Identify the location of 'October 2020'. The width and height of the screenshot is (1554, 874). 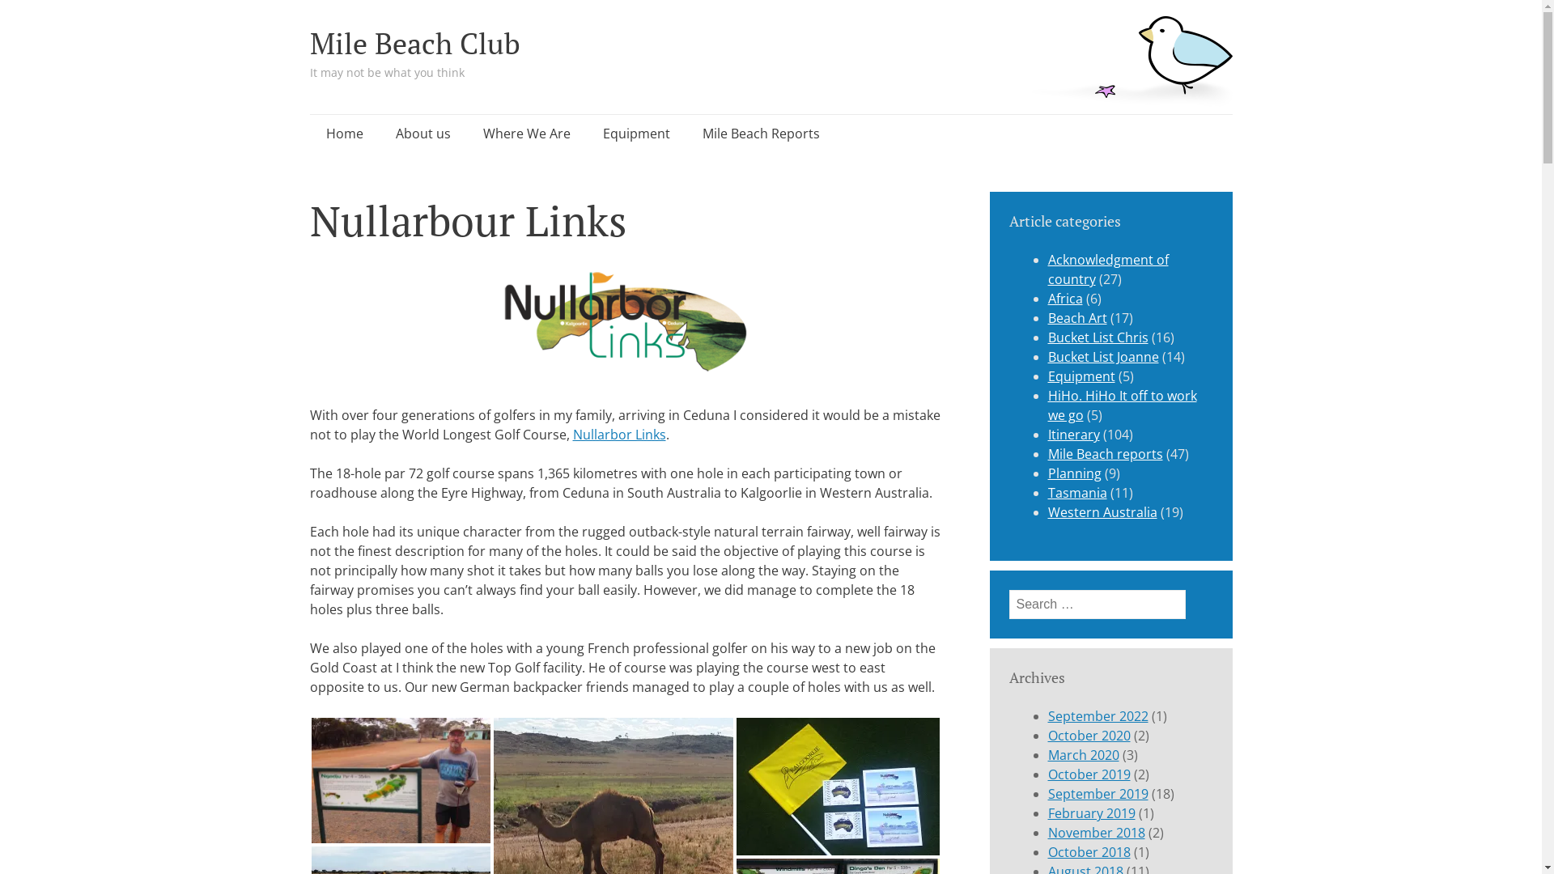
(1088, 736).